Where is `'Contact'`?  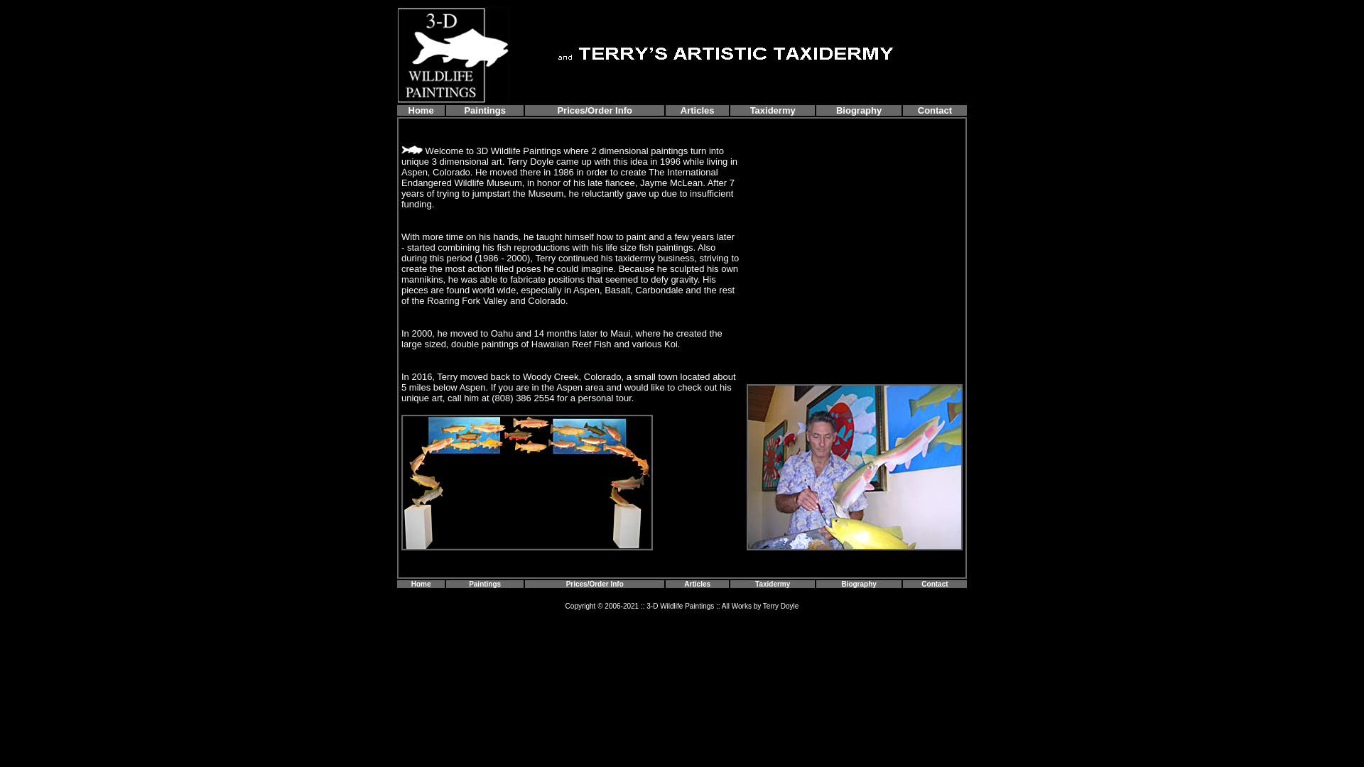
'Contact' is located at coordinates (934, 109).